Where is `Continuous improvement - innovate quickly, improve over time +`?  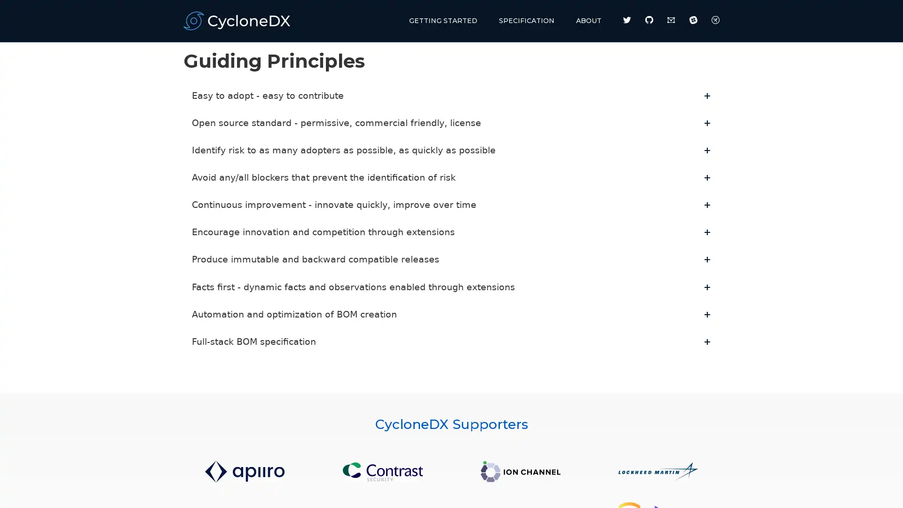
Continuous improvement - innovate quickly, improve over time + is located at coordinates (451, 204).